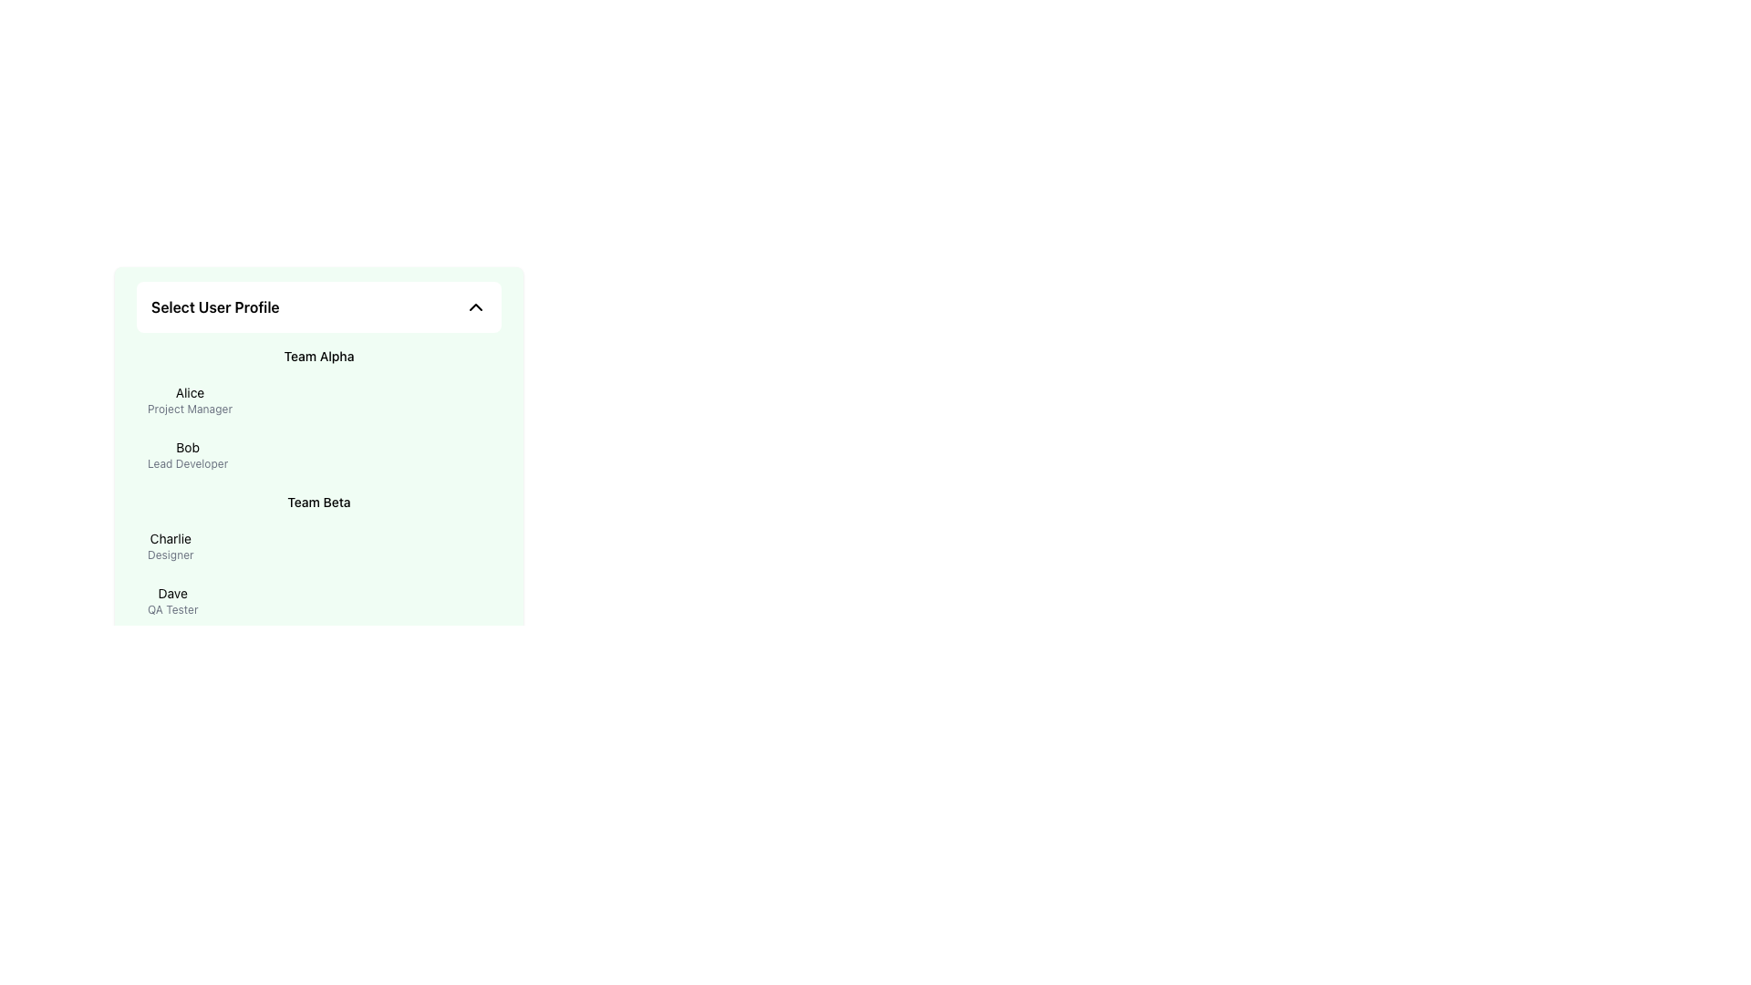 The image size is (1751, 985). I want to click on the text label displaying 'Lead Developer', which is located below the name 'Bob' in the 'Team Alpha' section, so click(188, 463).